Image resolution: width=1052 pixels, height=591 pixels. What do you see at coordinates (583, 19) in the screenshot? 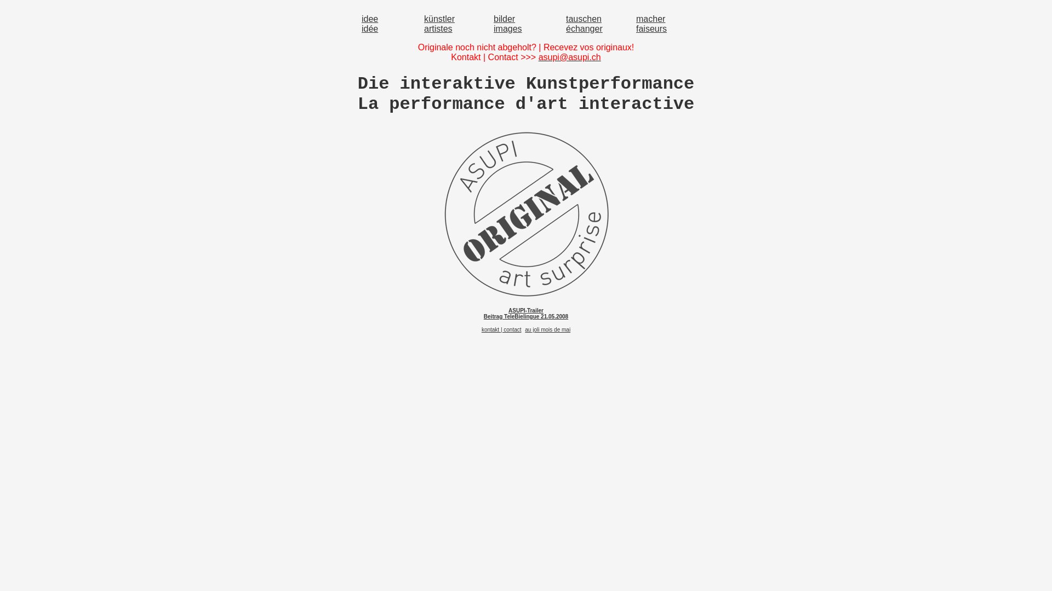
I see `'tauschen'` at bounding box center [583, 19].